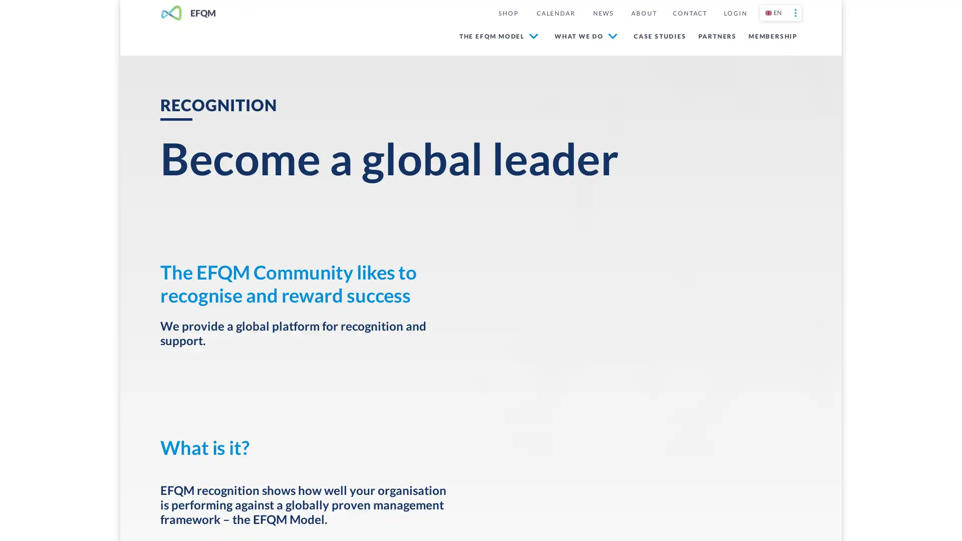 Image resolution: width=962 pixels, height=541 pixels. I want to click on MEMBERSHIP, so click(771, 35).